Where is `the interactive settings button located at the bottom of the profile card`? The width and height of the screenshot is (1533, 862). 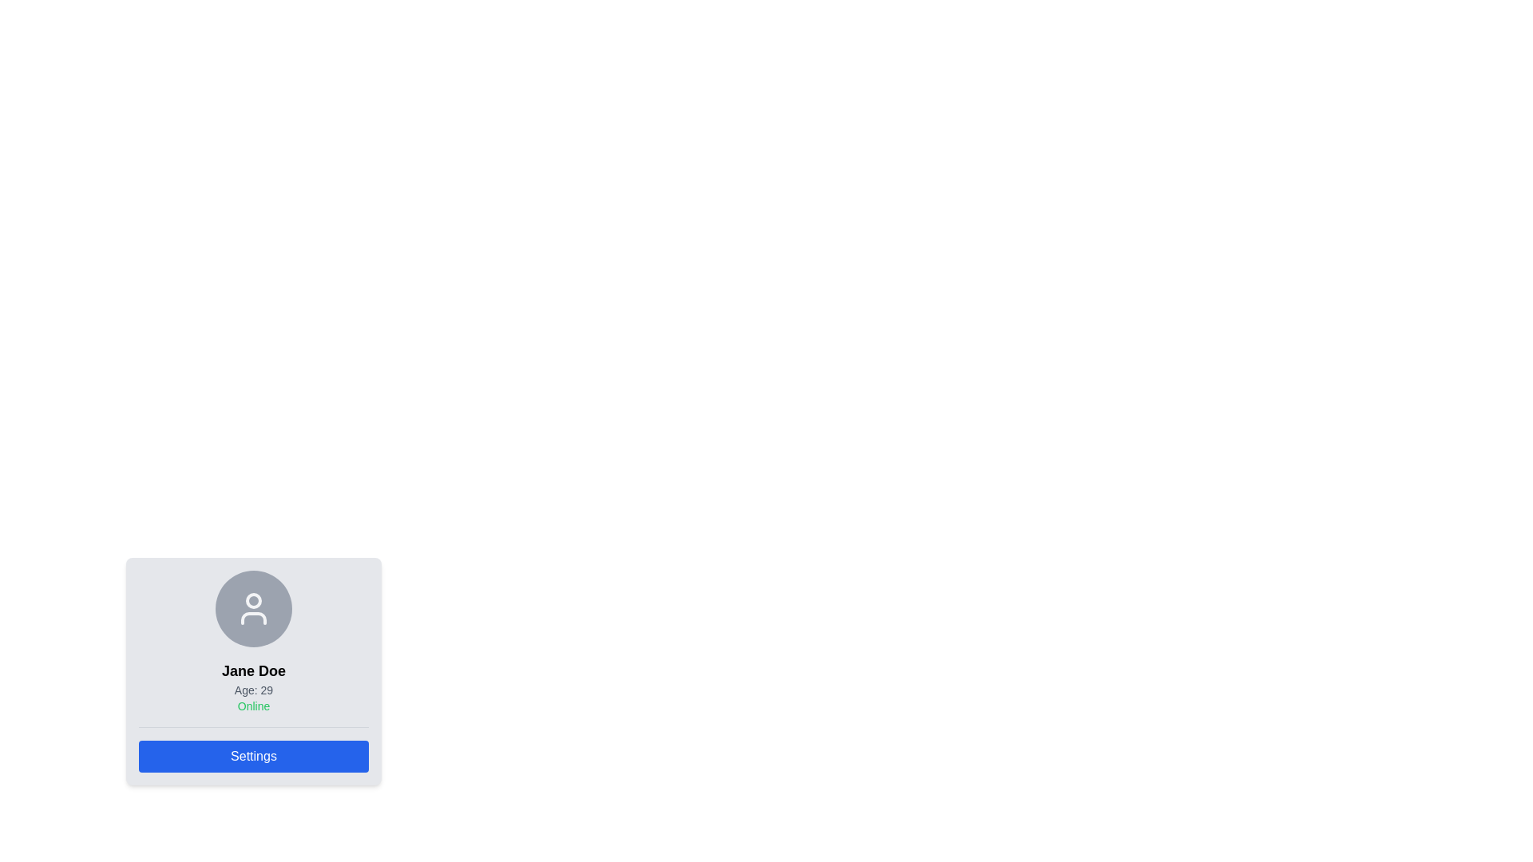
the interactive settings button located at the bottom of the profile card is located at coordinates (252, 756).